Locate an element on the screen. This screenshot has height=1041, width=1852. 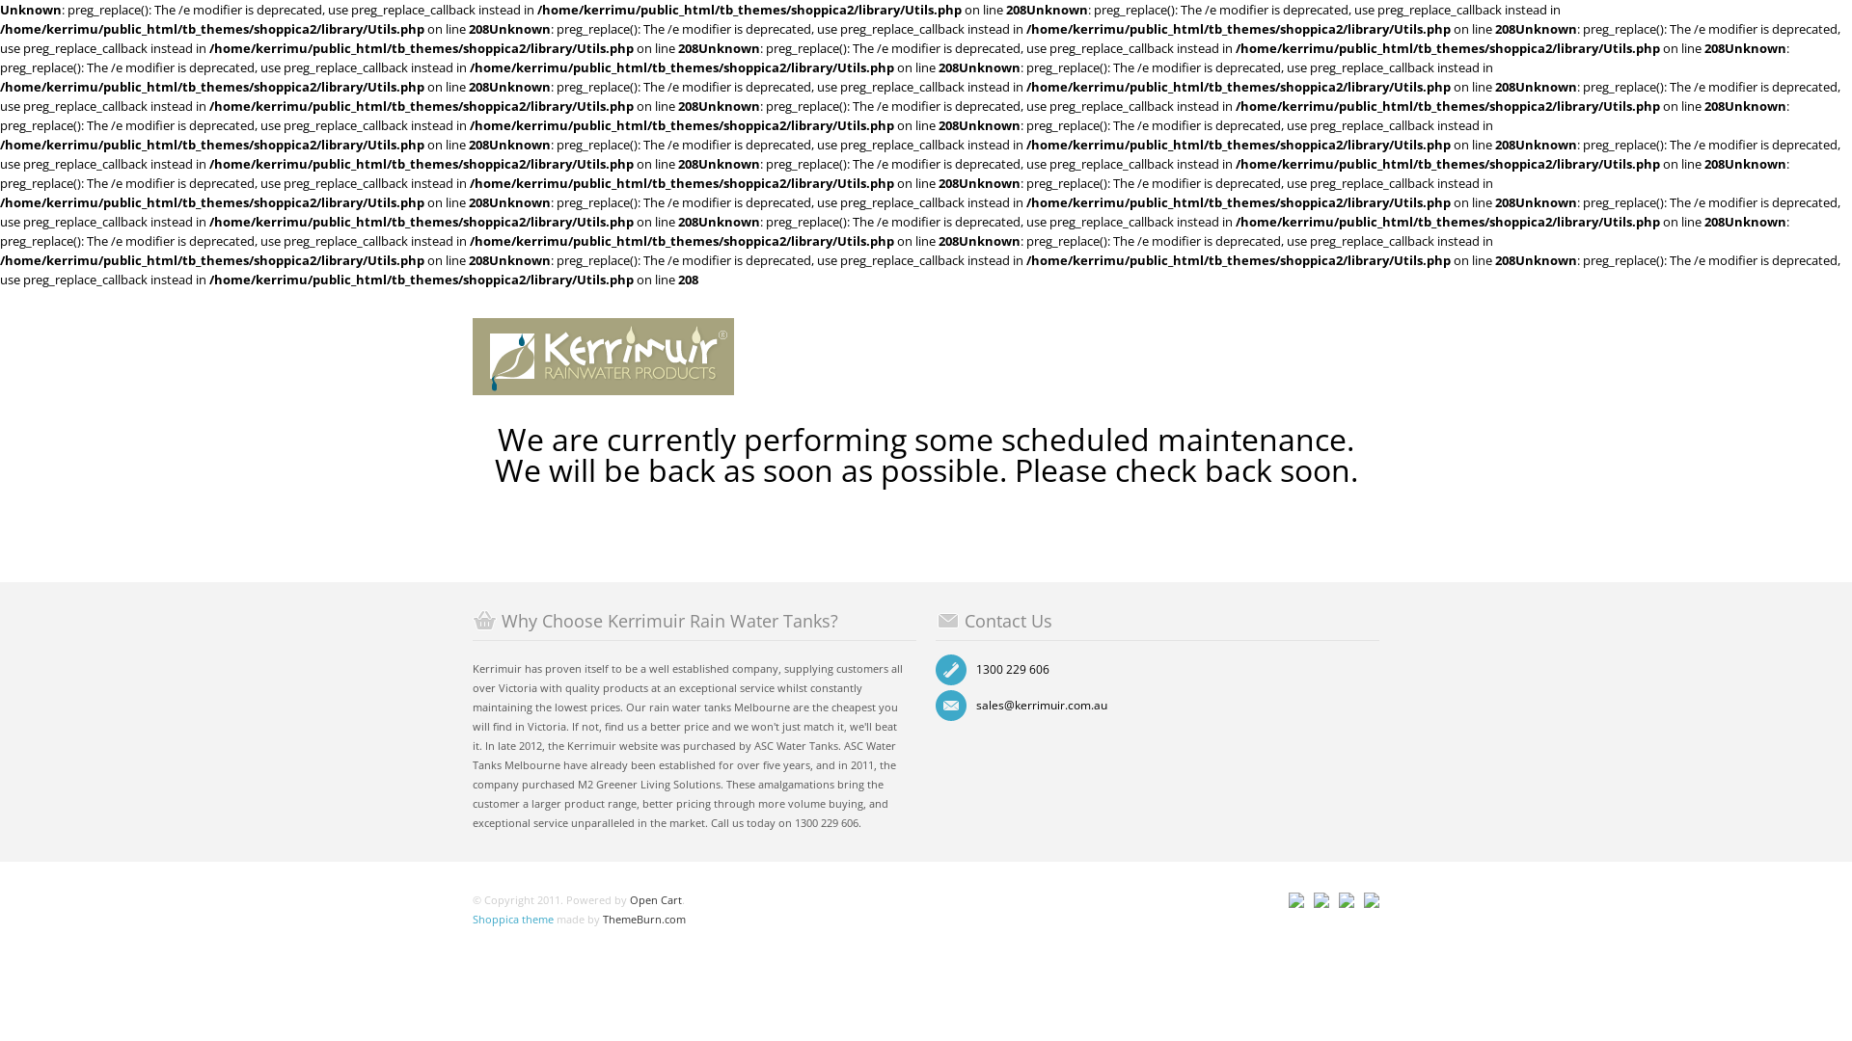
'Open Cart' is located at coordinates (656, 899).